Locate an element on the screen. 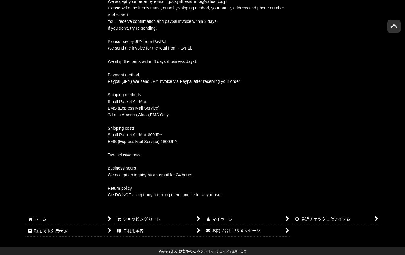  'We ship the items within 3 days (business days).' is located at coordinates (152, 61).